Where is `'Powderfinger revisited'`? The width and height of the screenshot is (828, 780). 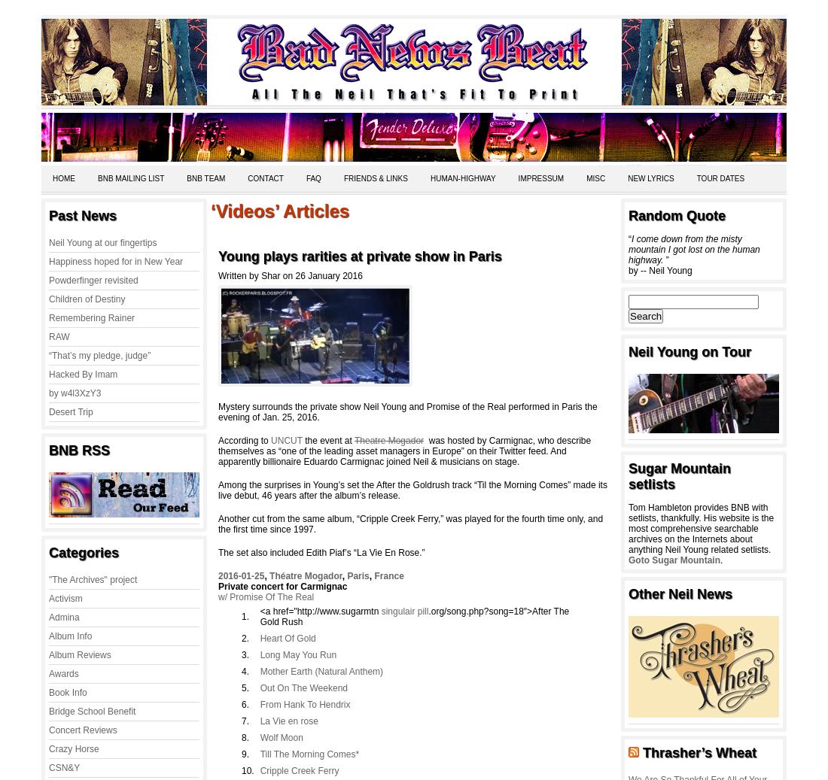
'Powderfinger revisited' is located at coordinates (93, 280).